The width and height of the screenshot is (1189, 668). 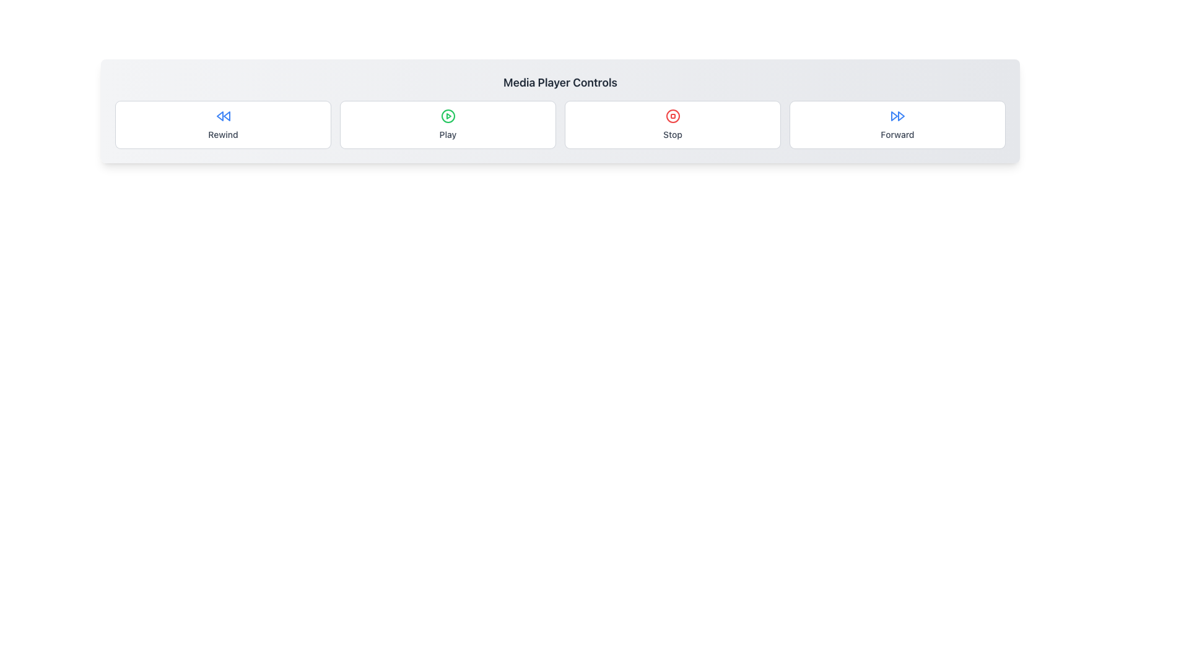 I want to click on SVG icon representing the fast-forward symbol, which is located at the top of the 'Forward' button in the media controls, so click(x=897, y=116).